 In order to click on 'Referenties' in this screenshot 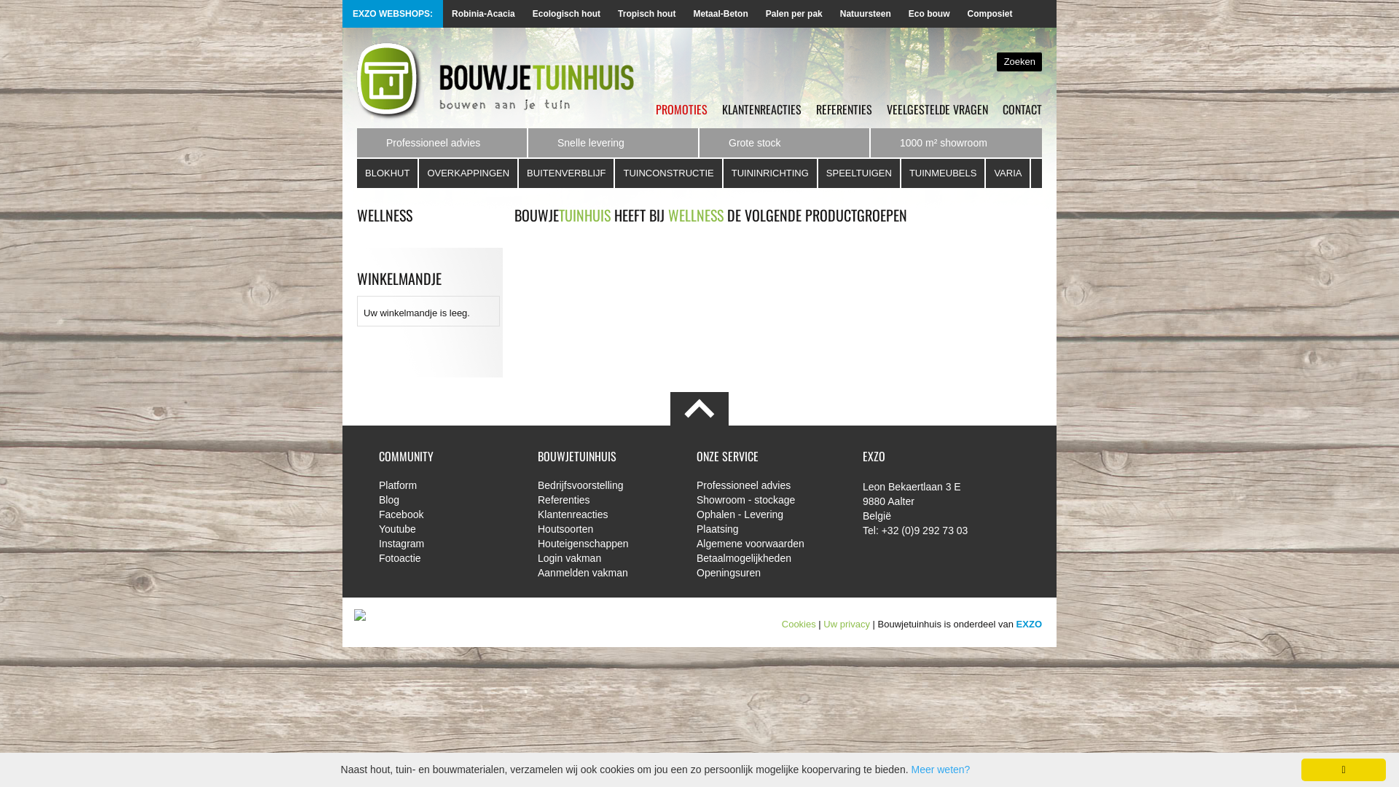, I will do `click(537, 499)`.